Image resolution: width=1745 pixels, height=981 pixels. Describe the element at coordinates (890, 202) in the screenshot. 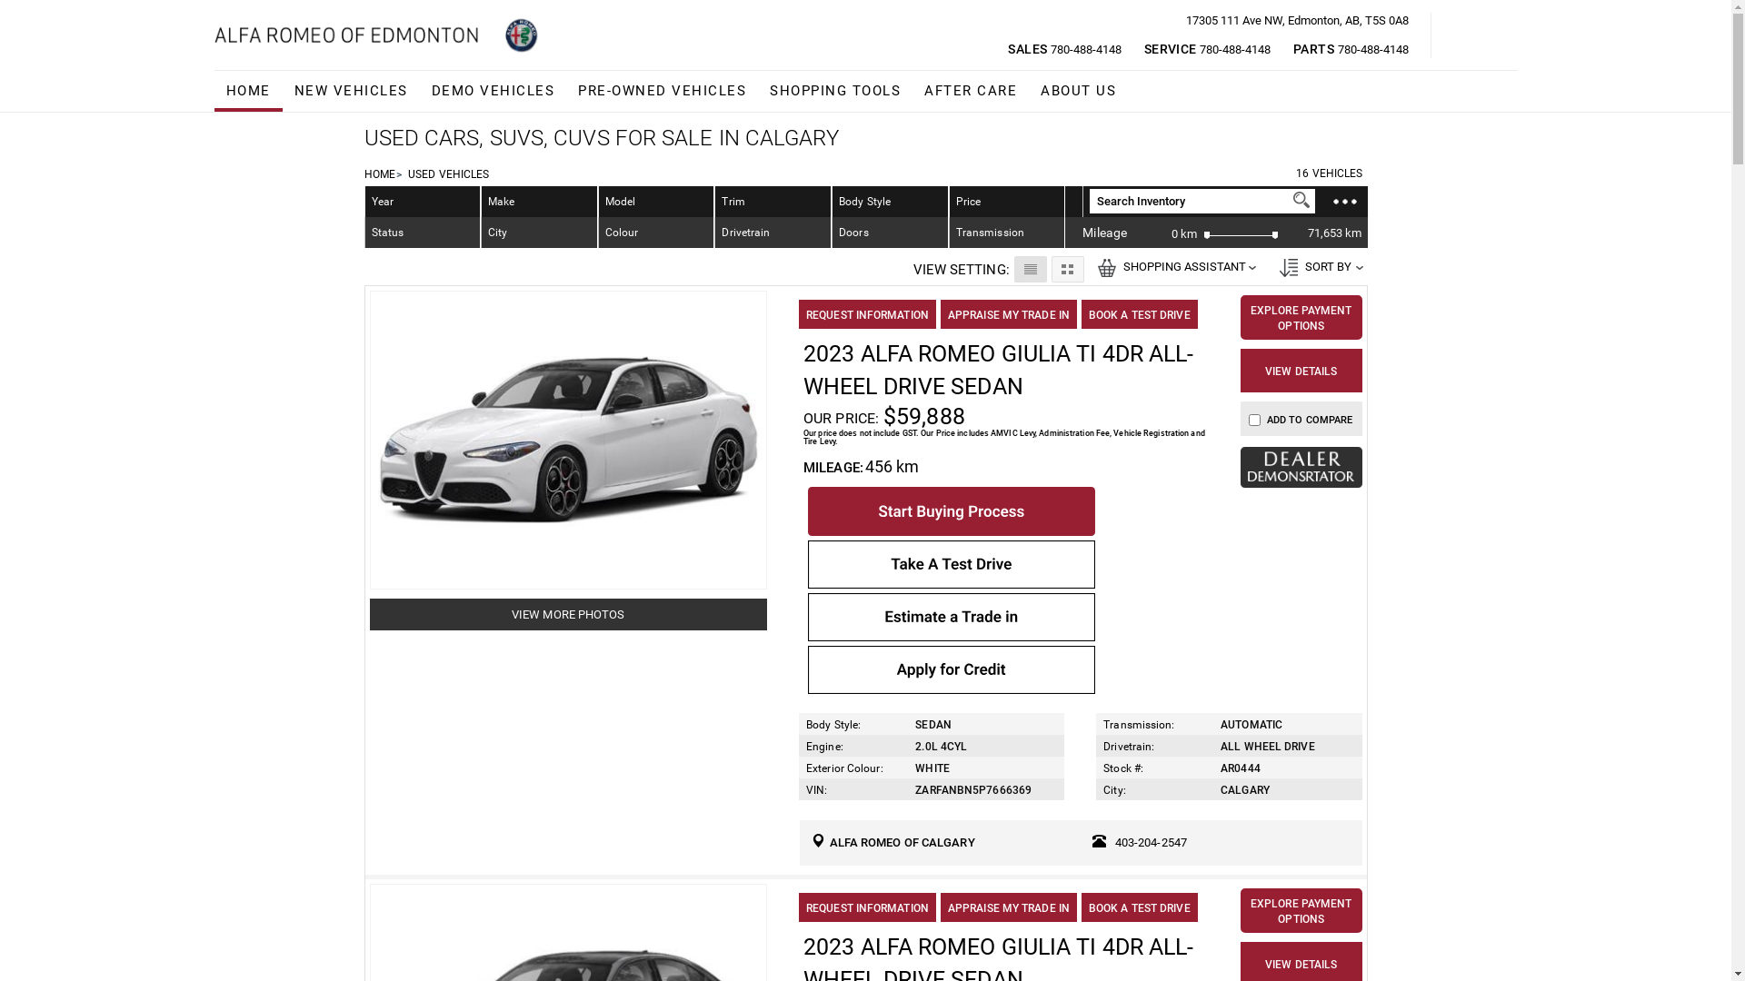

I see `'Body Style'` at that location.